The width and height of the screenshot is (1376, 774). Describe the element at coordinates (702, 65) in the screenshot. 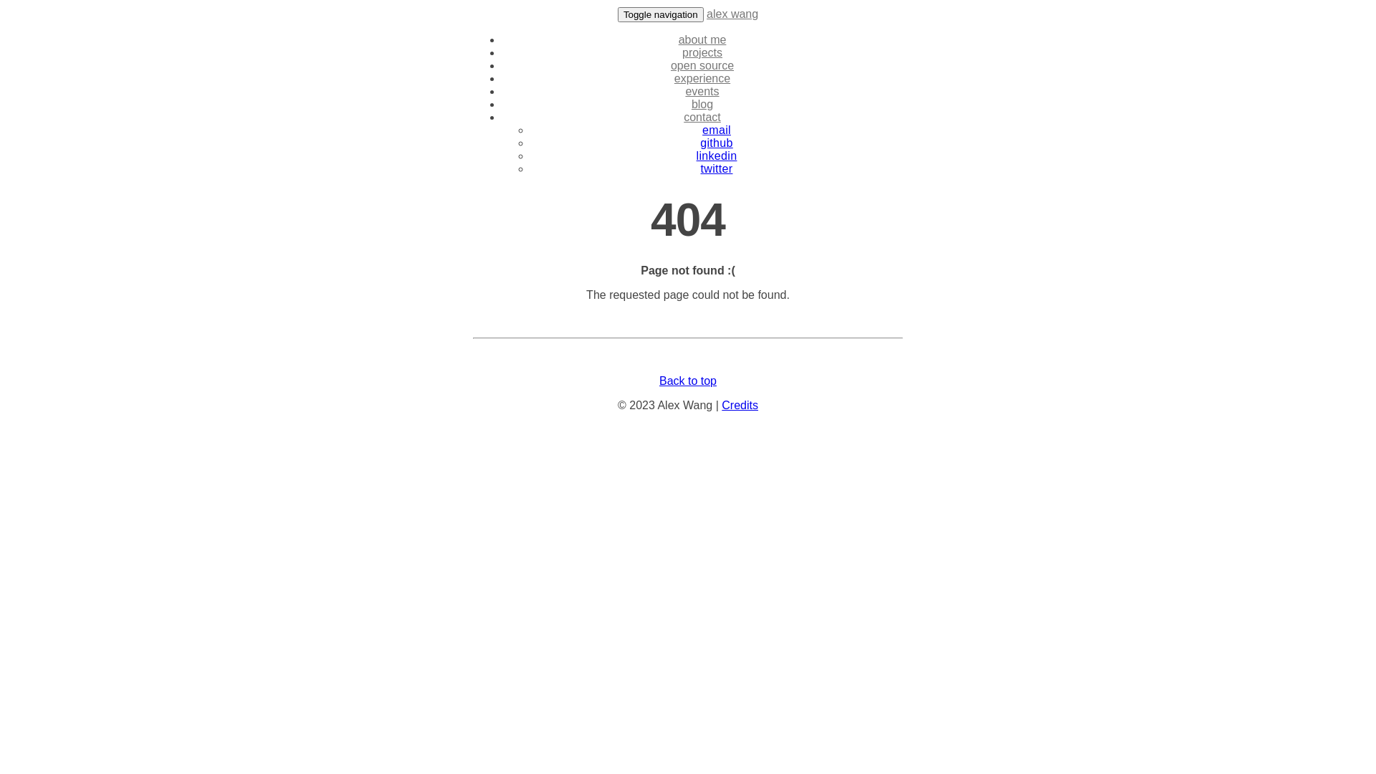

I see `'open source'` at that location.